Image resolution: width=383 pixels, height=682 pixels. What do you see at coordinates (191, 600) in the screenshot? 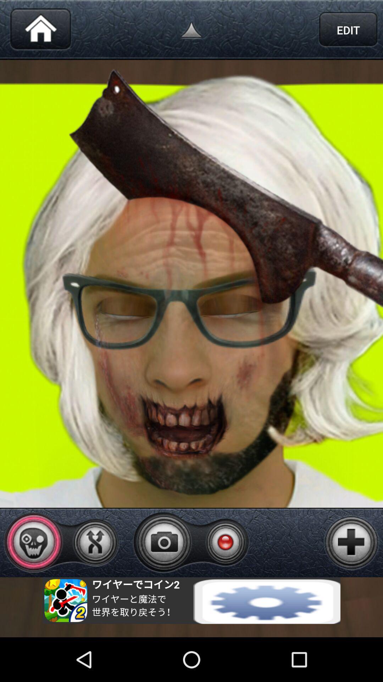
I see `redirects you to offer page` at bounding box center [191, 600].